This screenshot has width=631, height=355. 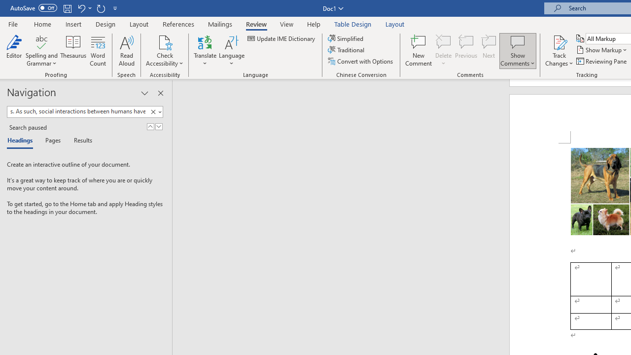 I want to click on 'Thesaurus...', so click(x=73, y=51).